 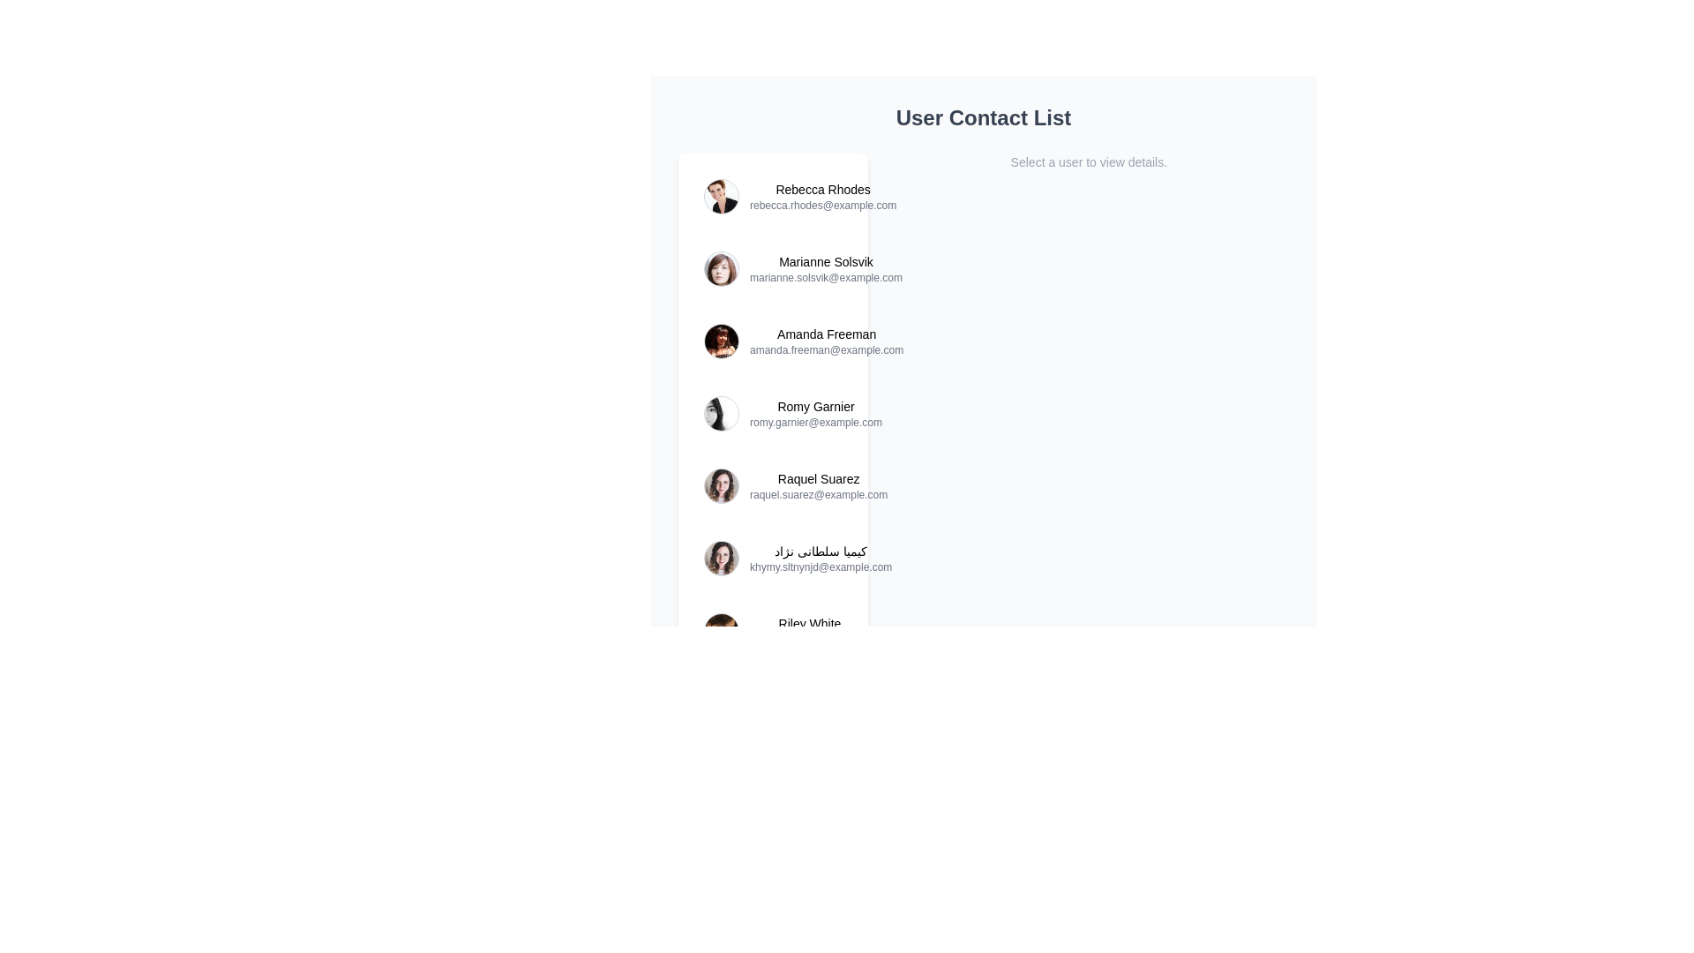 I want to click on the email address 'raquel.suarez@example.com' displayed in gray font beneath 'Raquel Suarez' in the User Contact List, so click(x=818, y=494).